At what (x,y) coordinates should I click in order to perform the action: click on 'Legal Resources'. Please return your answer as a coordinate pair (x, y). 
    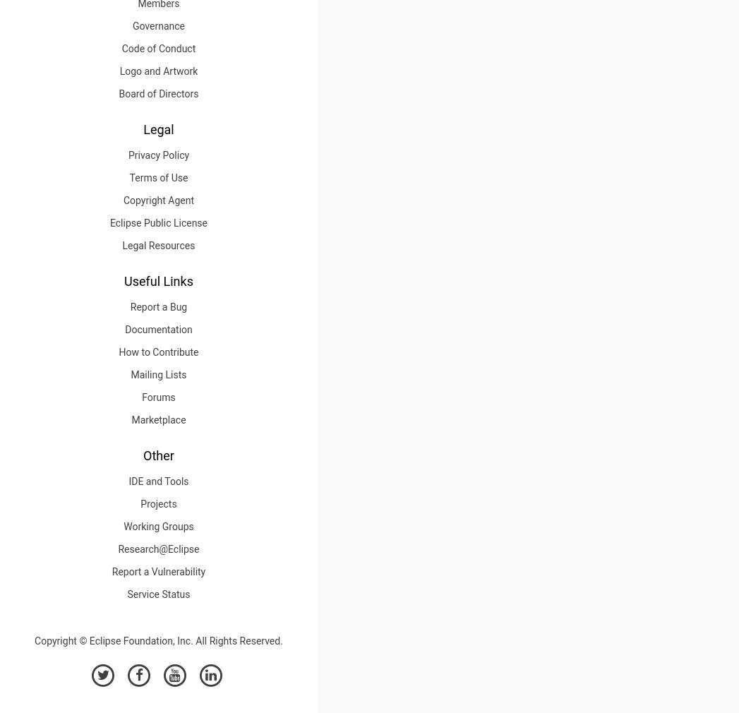
    Looking at the image, I should click on (157, 245).